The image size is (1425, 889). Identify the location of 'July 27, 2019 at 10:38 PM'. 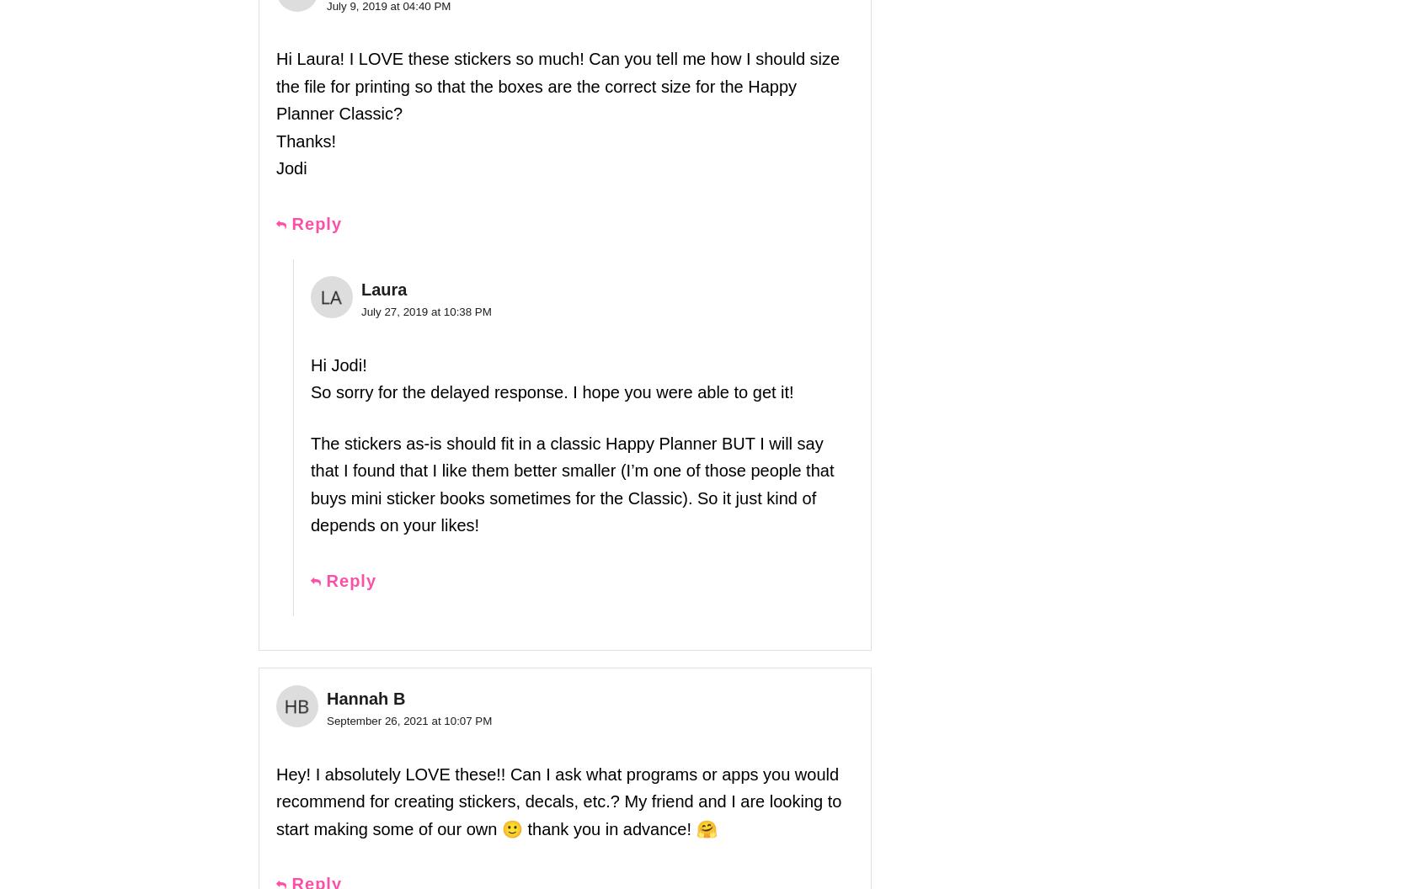
(360, 311).